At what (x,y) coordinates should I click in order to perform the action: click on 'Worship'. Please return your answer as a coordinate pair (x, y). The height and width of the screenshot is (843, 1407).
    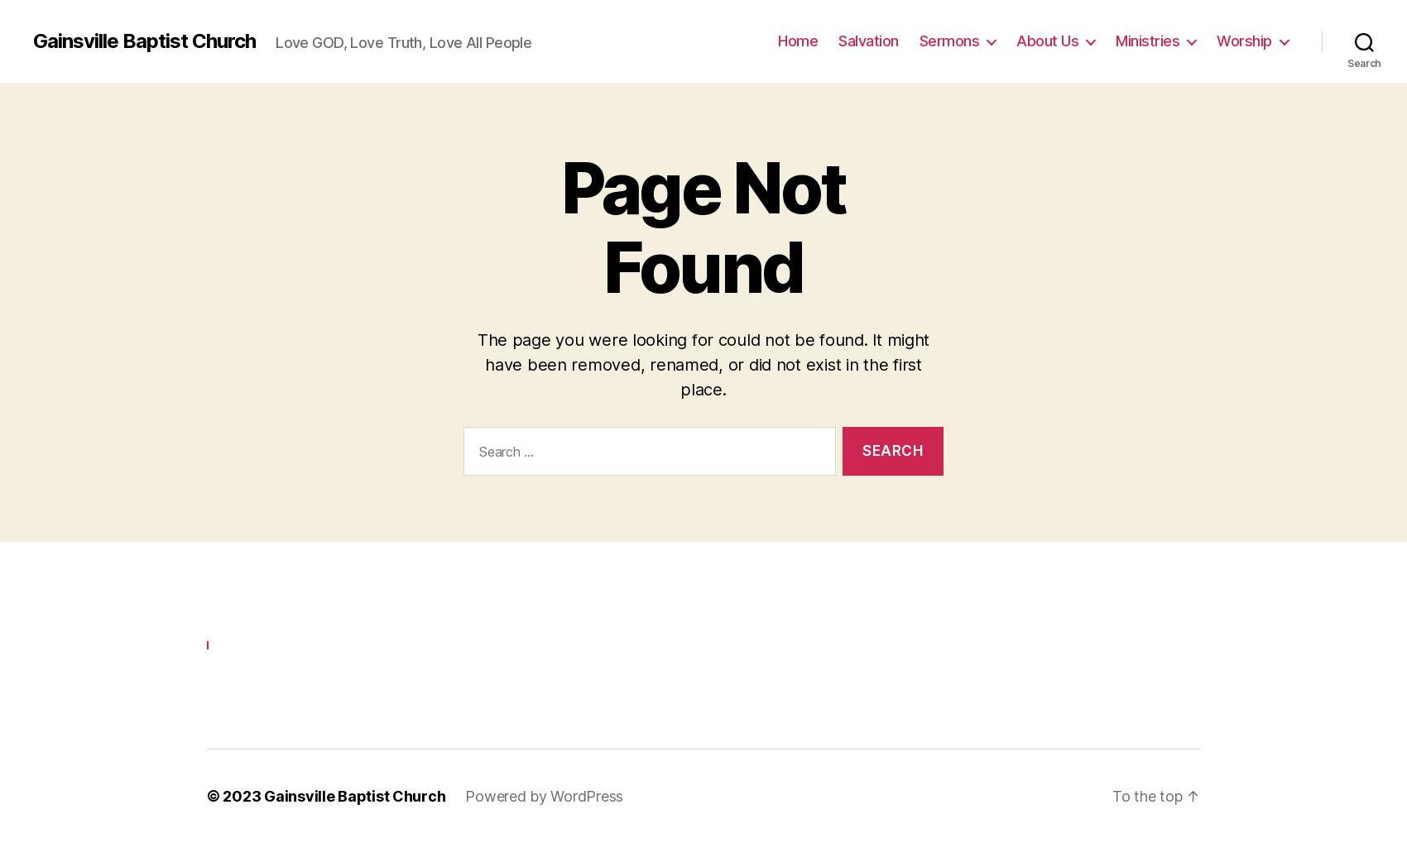
    Looking at the image, I should click on (1244, 36).